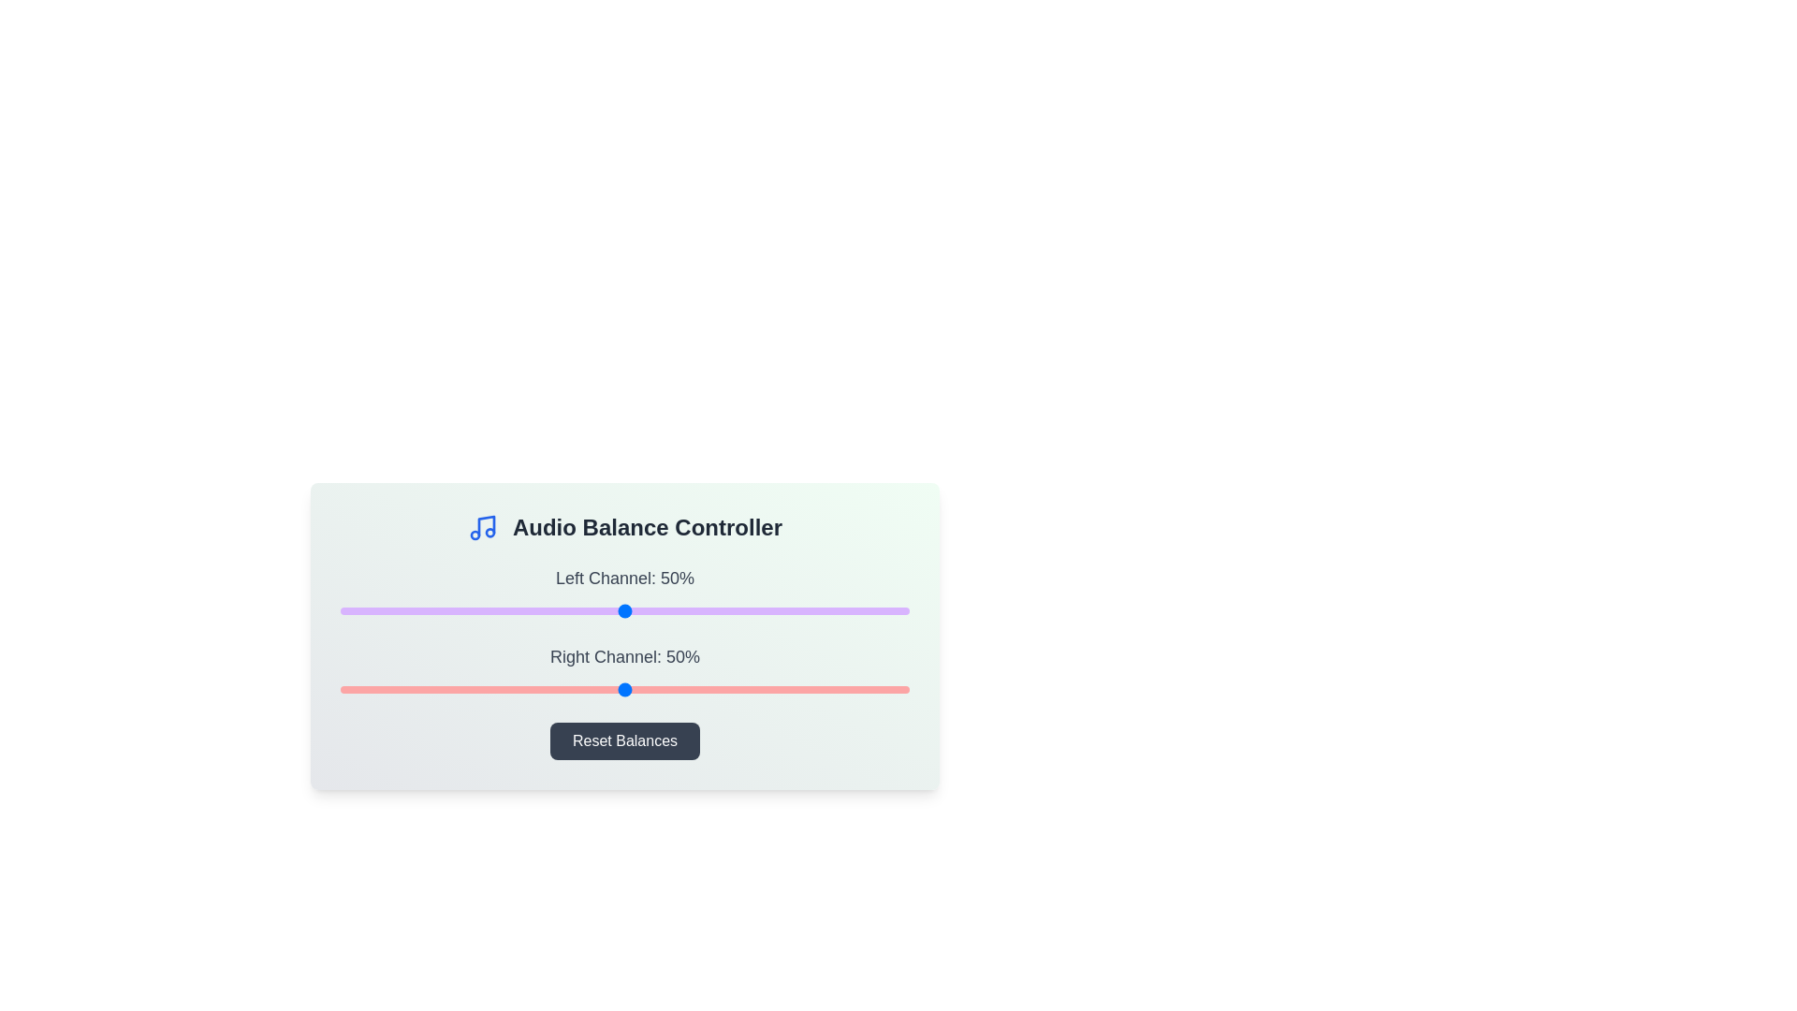  What do you see at coordinates (647, 527) in the screenshot?
I see `the 'Audio Balance Controller' title to identify the component` at bounding box center [647, 527].